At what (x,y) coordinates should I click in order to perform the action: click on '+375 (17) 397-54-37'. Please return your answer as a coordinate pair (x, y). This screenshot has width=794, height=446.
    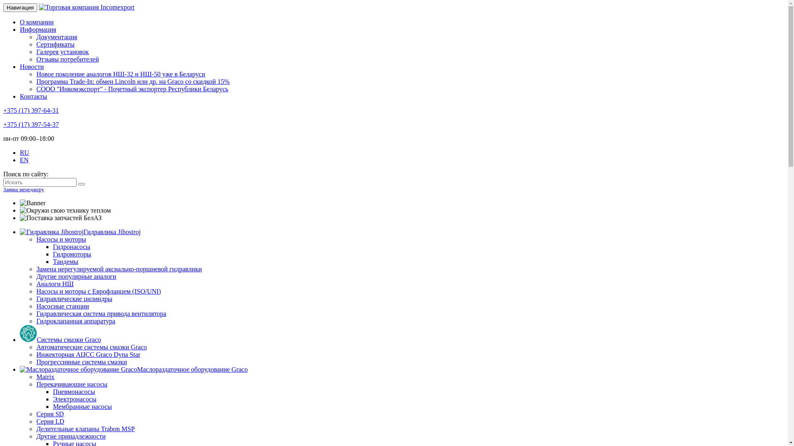
    Looking at the image, I should click on (3, 124).